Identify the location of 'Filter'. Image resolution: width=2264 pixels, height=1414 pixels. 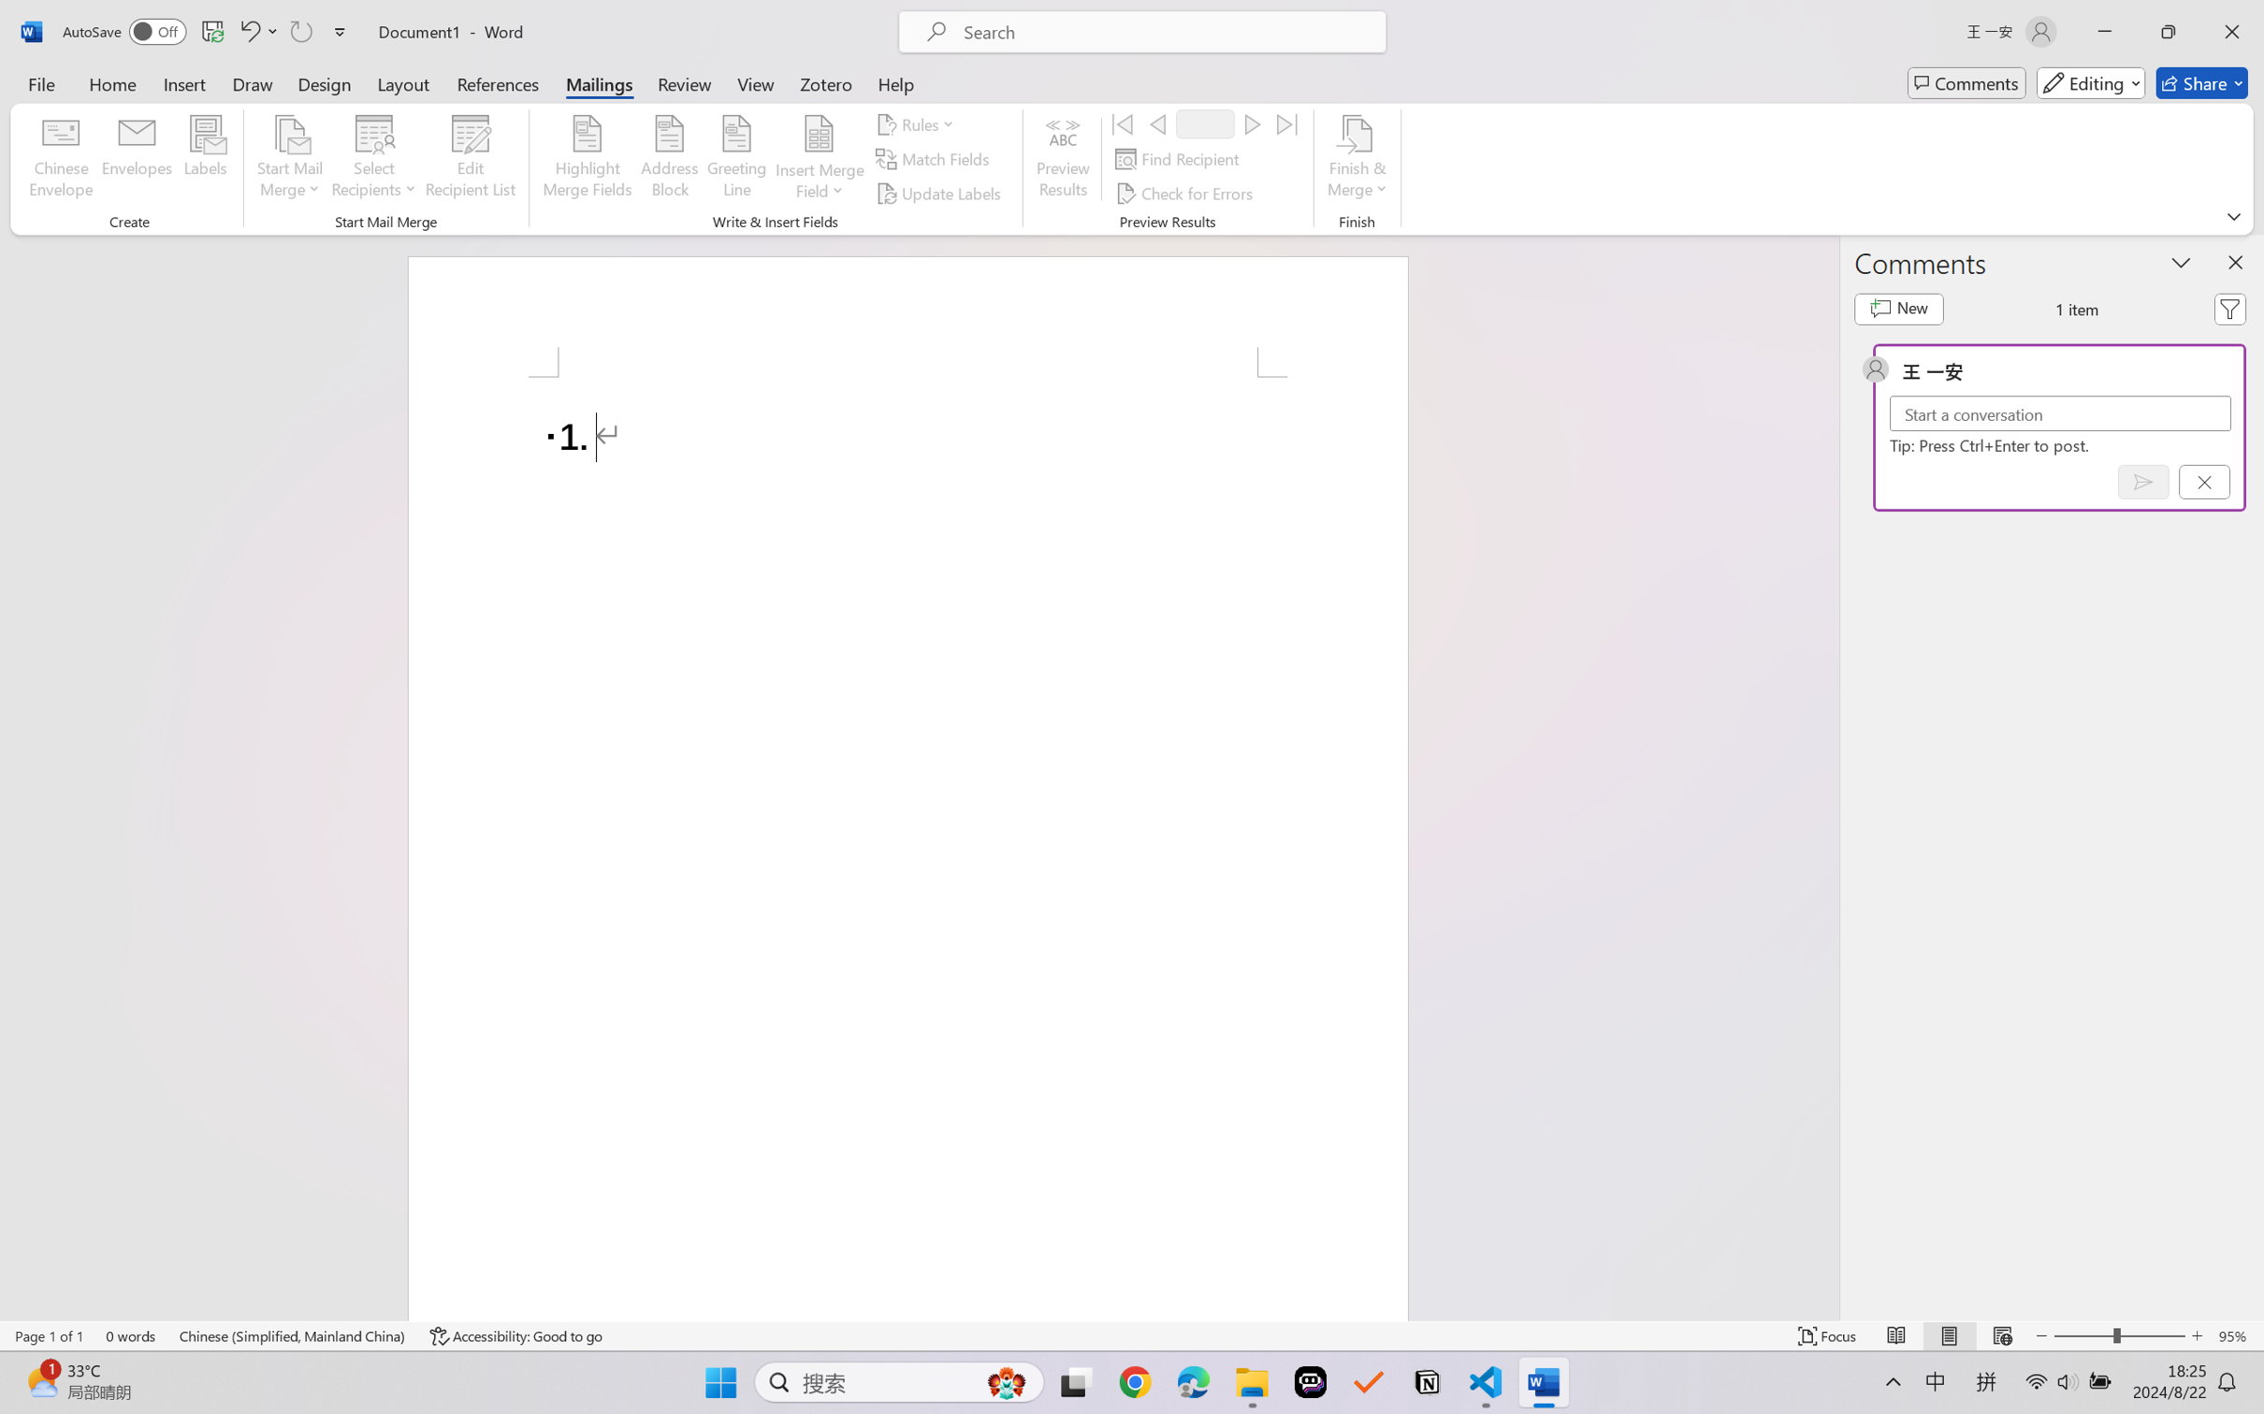
(2229, 310).